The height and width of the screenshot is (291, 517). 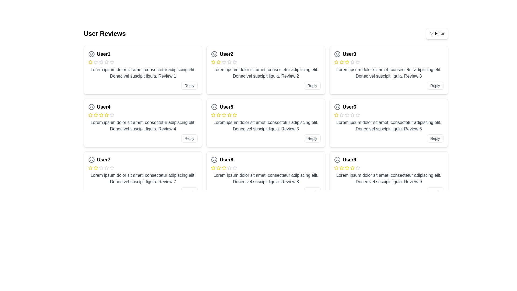 I want to click on the bold text label displaying 'User4', which is located in the second row, first column of a review card component, to the right of an icon and above a star rating, so click(x=103, y=107).